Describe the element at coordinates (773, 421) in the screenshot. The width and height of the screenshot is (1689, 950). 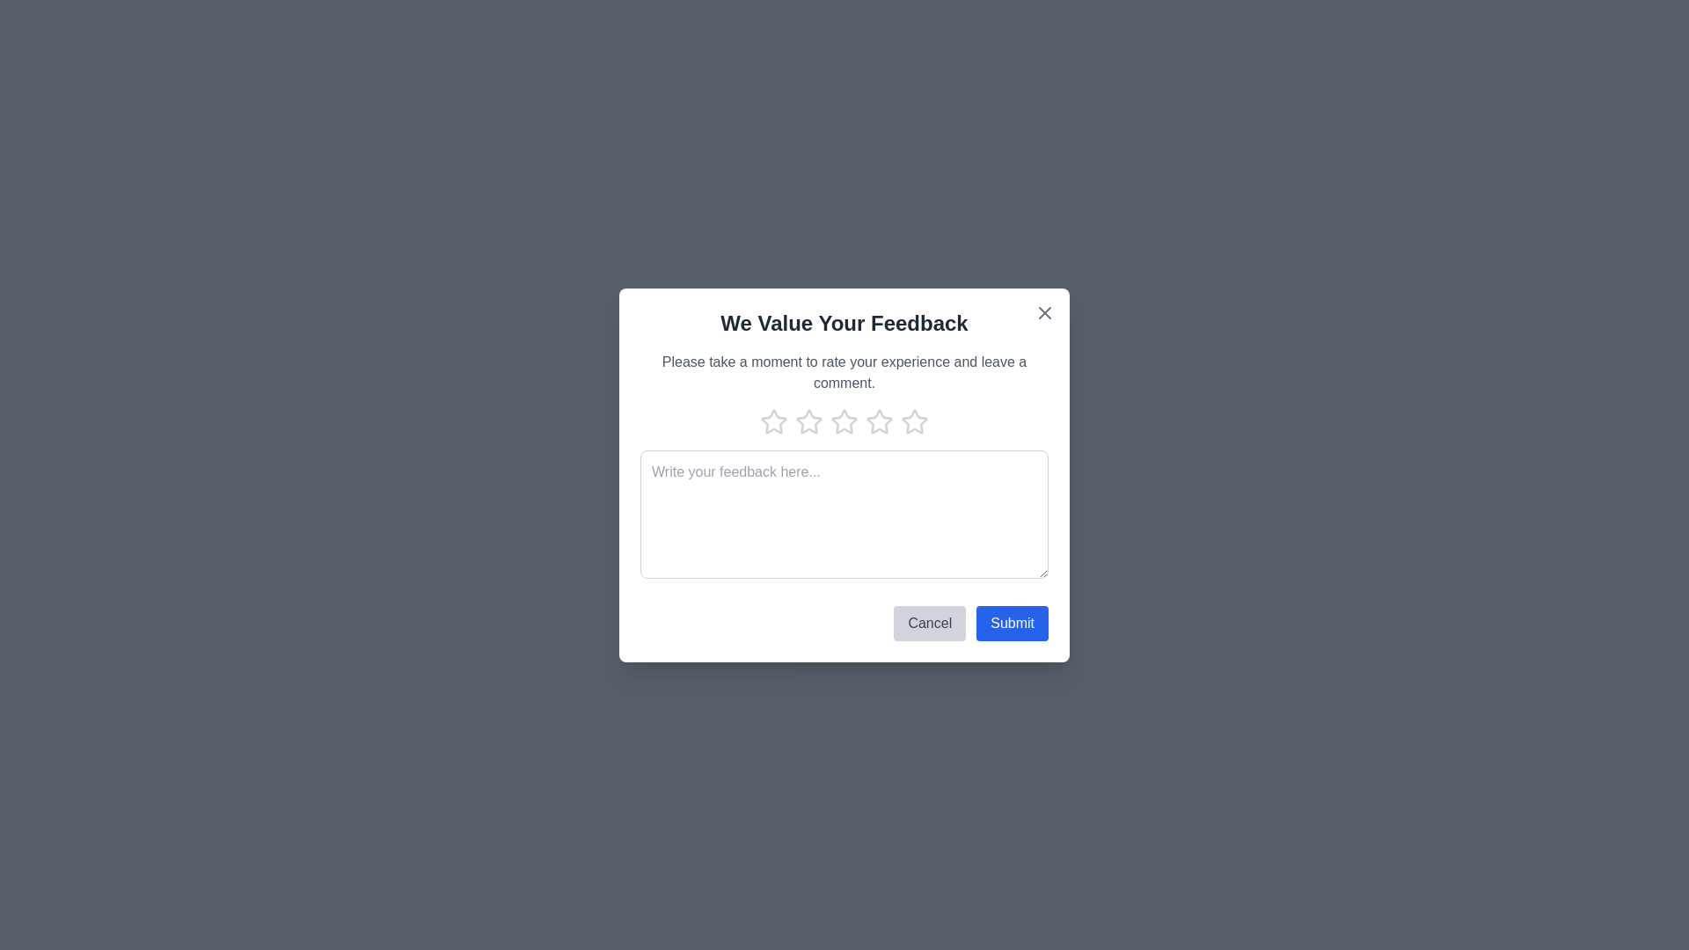
I see `the first star-shaped rating icon, which is part of a horizontally aligned group of five icons` at that location.